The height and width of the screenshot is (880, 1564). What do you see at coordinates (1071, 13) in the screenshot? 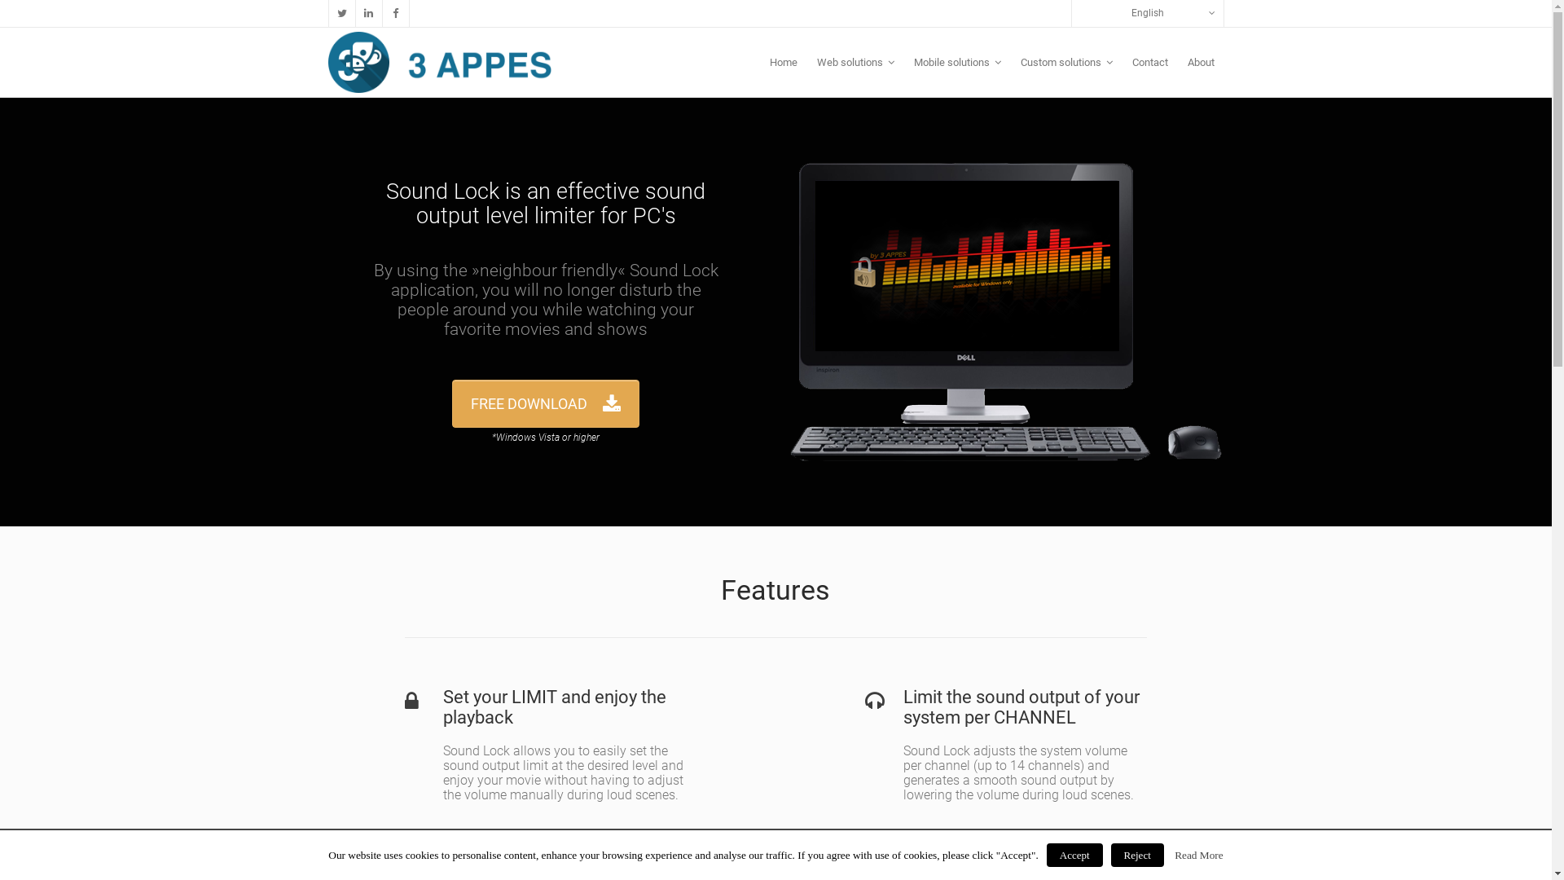
I see `'English'` at bounding box center [1071, 13].